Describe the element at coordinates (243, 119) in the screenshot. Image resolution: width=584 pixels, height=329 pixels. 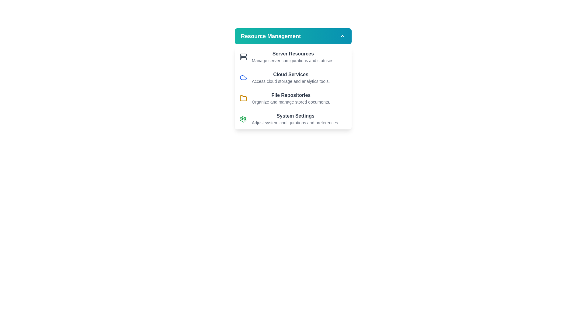
I see `the green settings gear icon located next to the 'System Settings' text` at that location.